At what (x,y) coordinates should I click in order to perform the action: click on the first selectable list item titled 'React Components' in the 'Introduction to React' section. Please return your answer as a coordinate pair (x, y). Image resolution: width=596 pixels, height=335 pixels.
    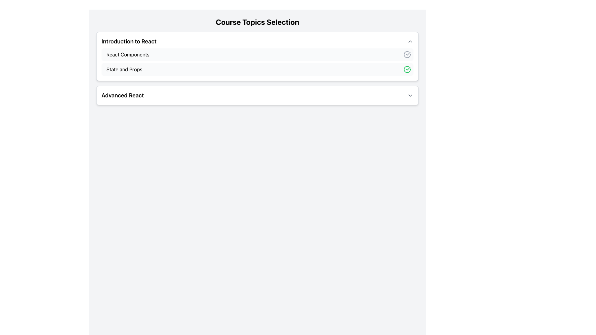
    Looking at the image, I should click on (257, 54).